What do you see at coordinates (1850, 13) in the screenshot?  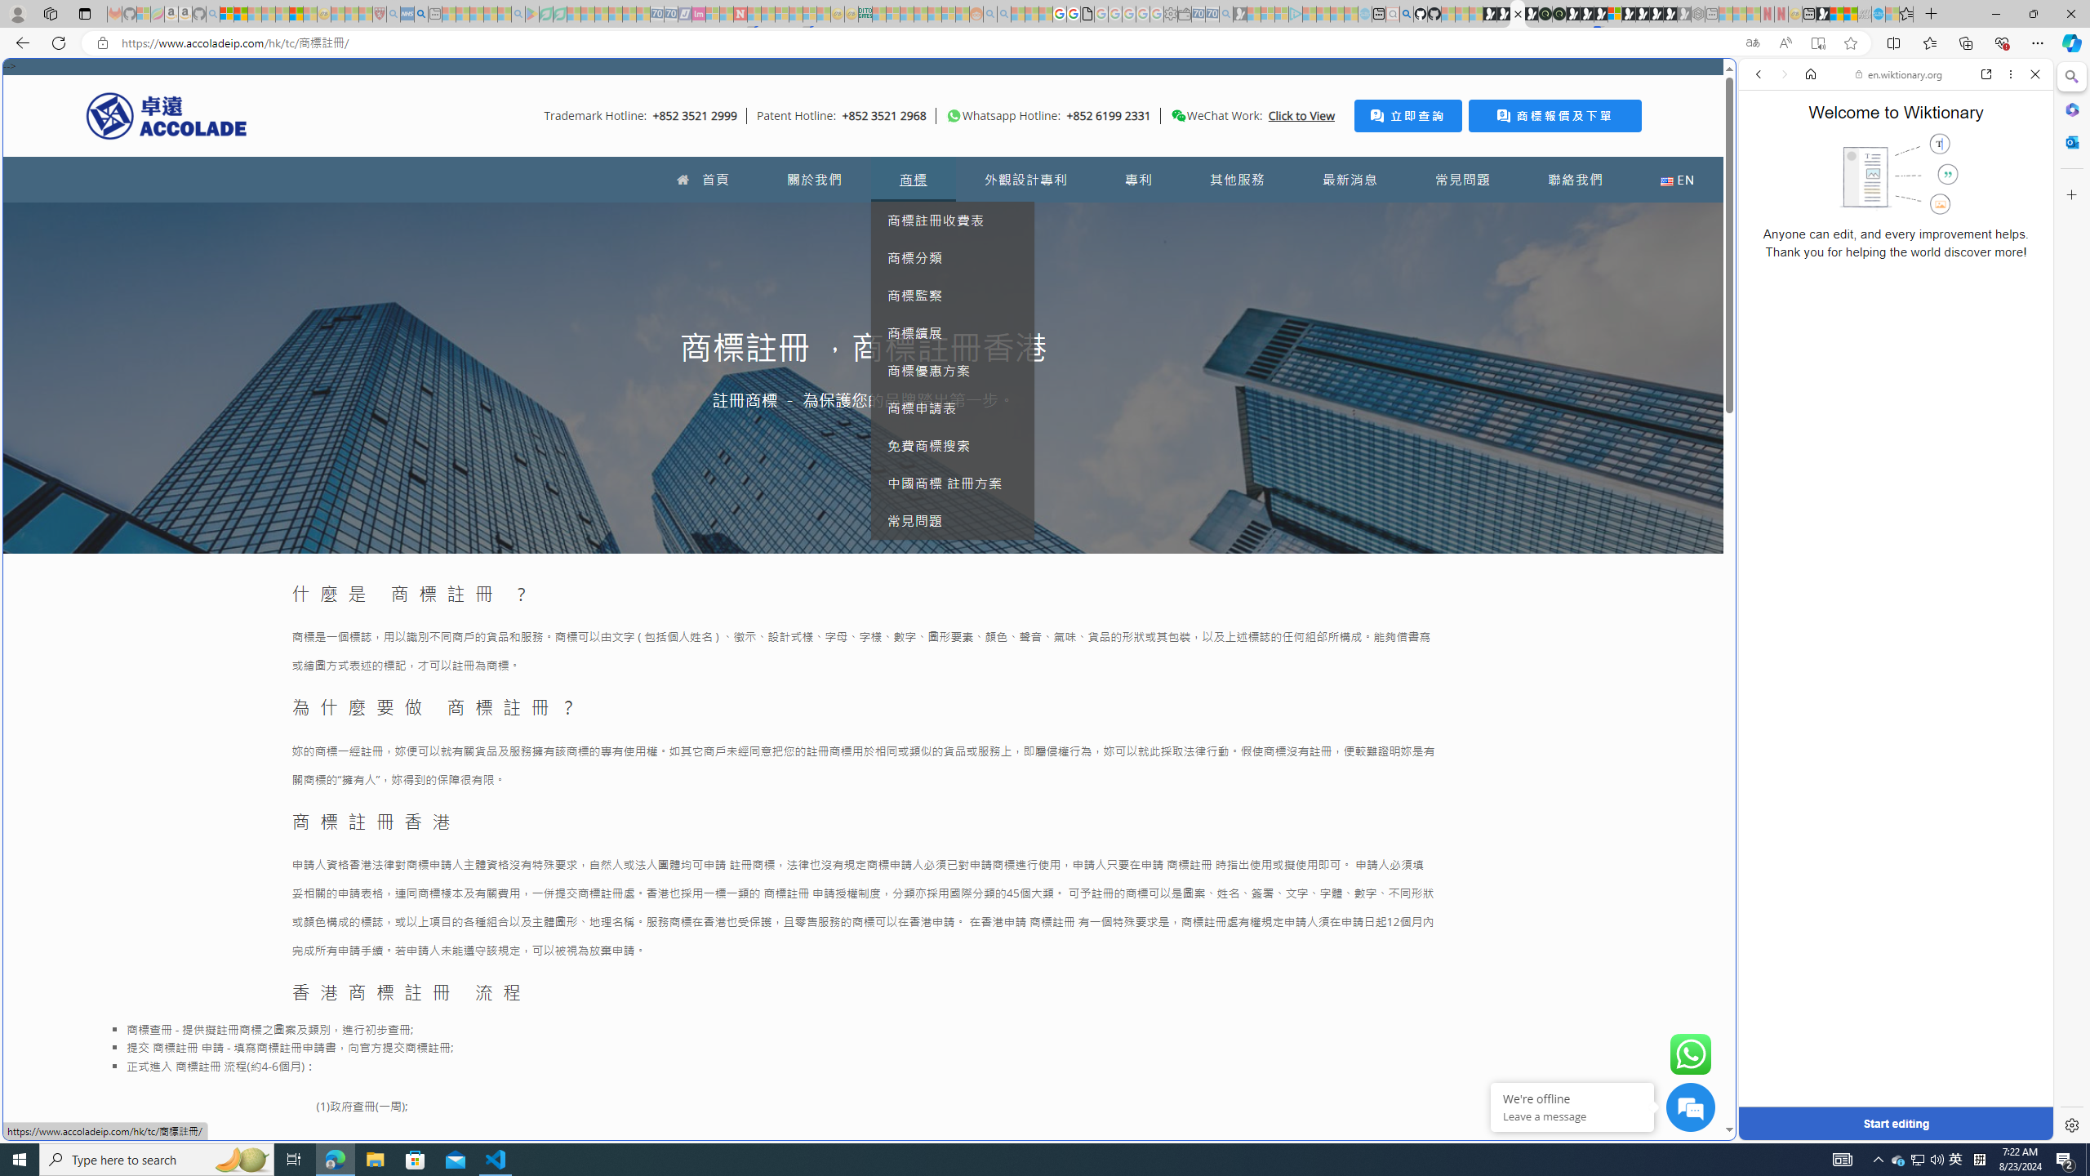 I see `'Earth has six continents not seven, radical new study claims'` at bounding box center [1850, 13].